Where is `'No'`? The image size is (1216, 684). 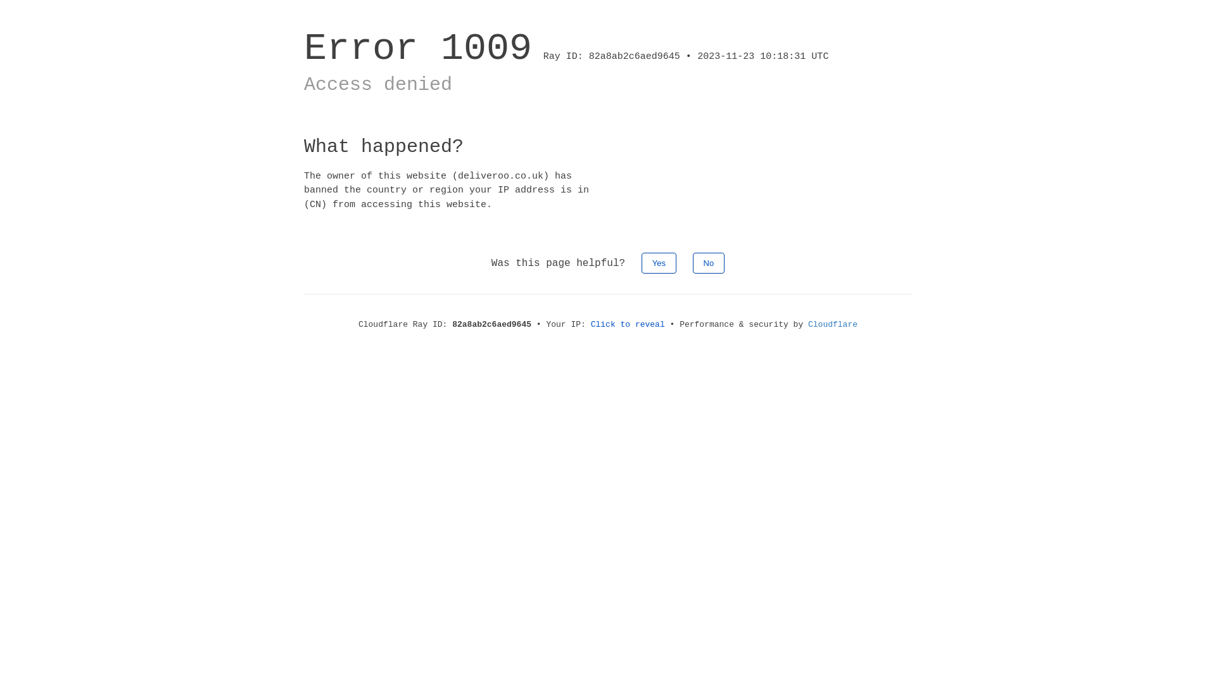 'No' is located at coordinates (708, 262).